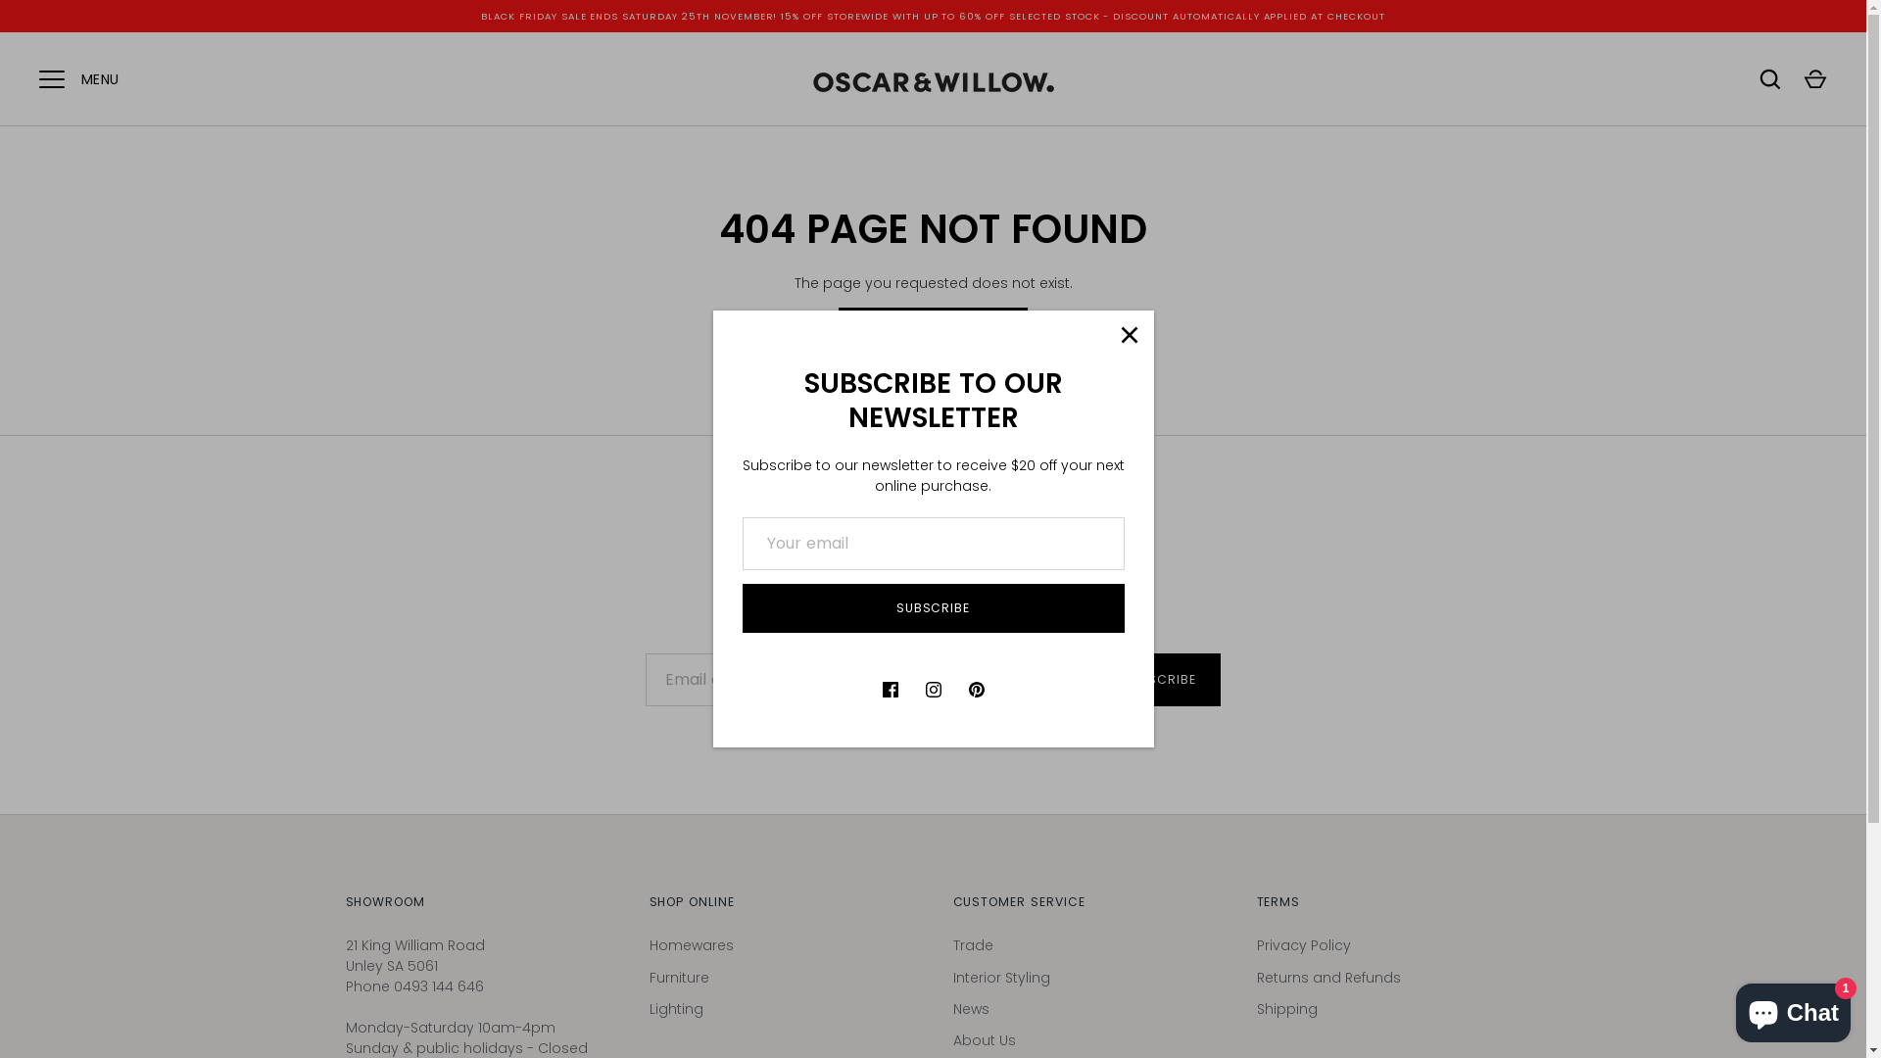 The image size is (1881, 1058). Describe the element at coordinates (1158, 679) in the screenshot. I see `'SUBSCRIBE'` at that location.